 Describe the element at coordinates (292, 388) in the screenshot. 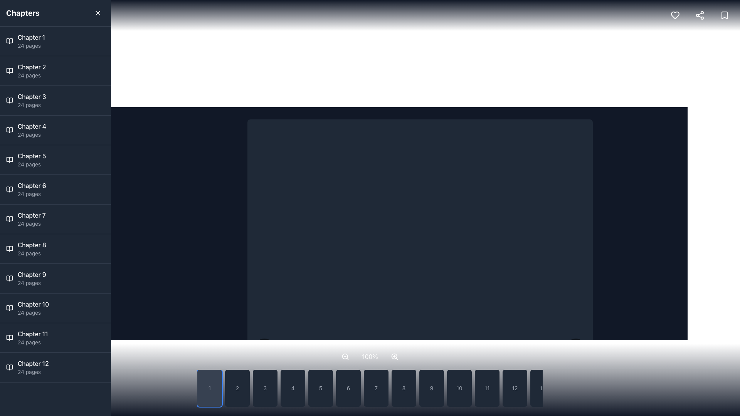

I see `the selectable button labeled '4' in the navigation bar to observe visual changes` at that location.